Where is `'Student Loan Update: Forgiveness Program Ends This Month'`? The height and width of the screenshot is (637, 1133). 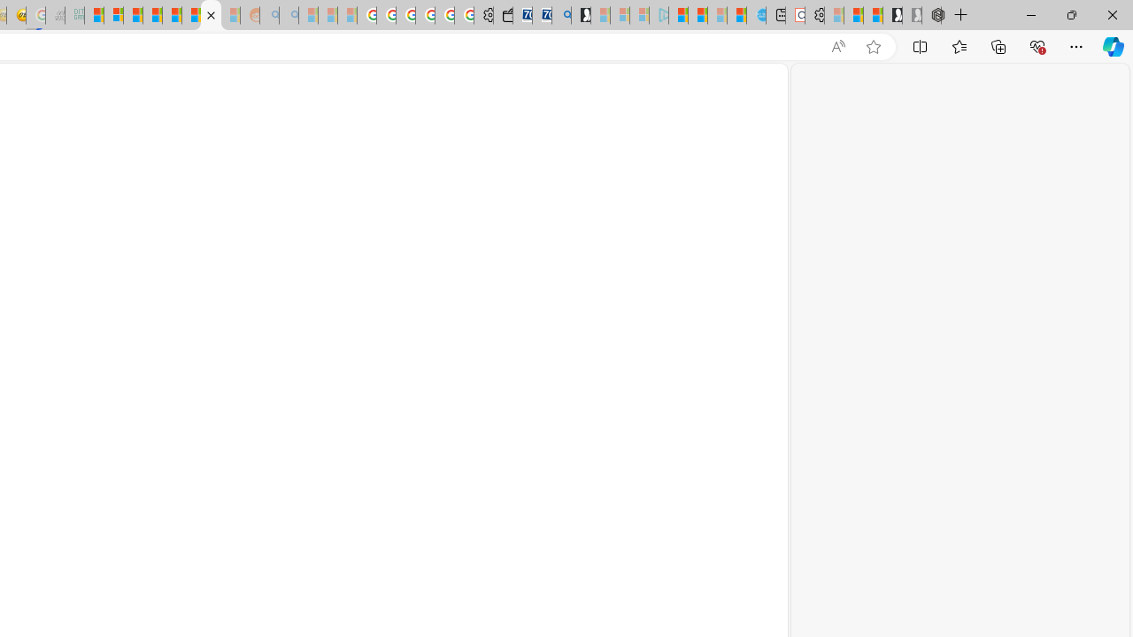
'Student Loan Update: Forgiveness Program Ends This Month' is located at coordinates (152, 15).